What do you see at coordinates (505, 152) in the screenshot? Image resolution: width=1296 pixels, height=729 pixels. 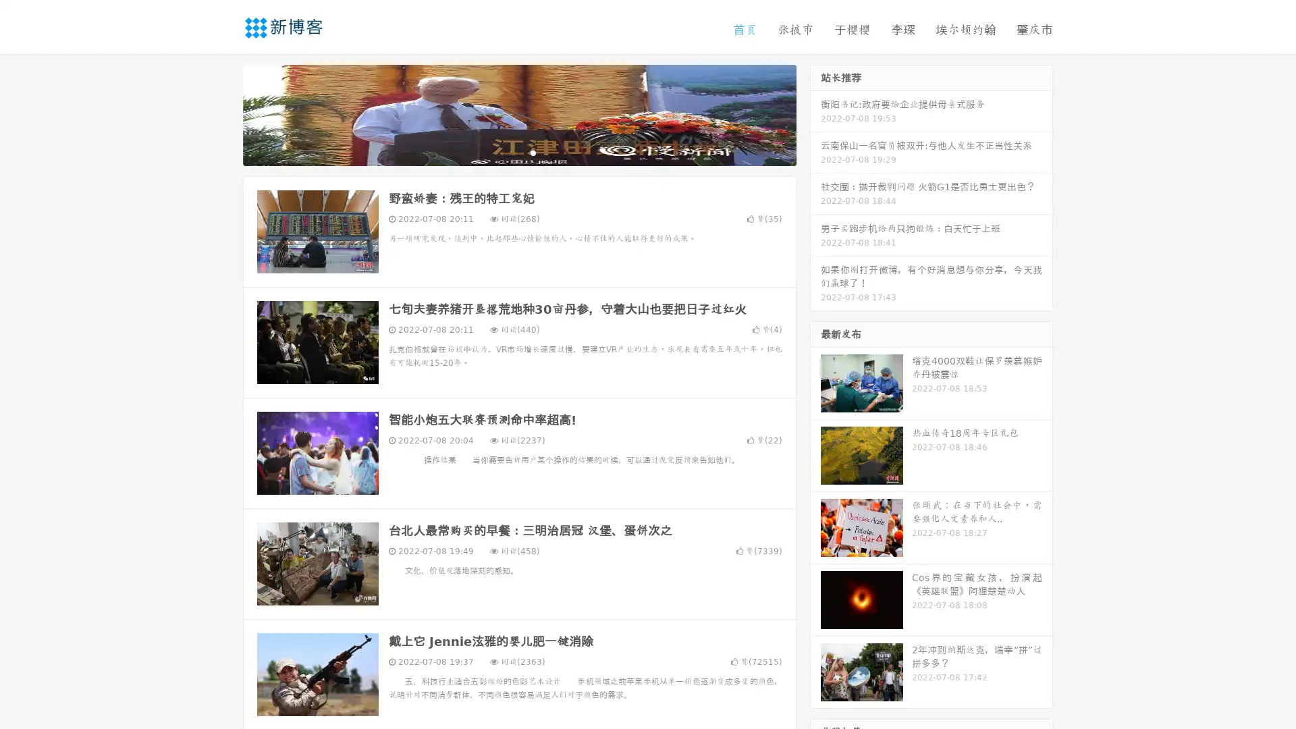 I see `Go to slide 1` at bounding box center [505, 152].